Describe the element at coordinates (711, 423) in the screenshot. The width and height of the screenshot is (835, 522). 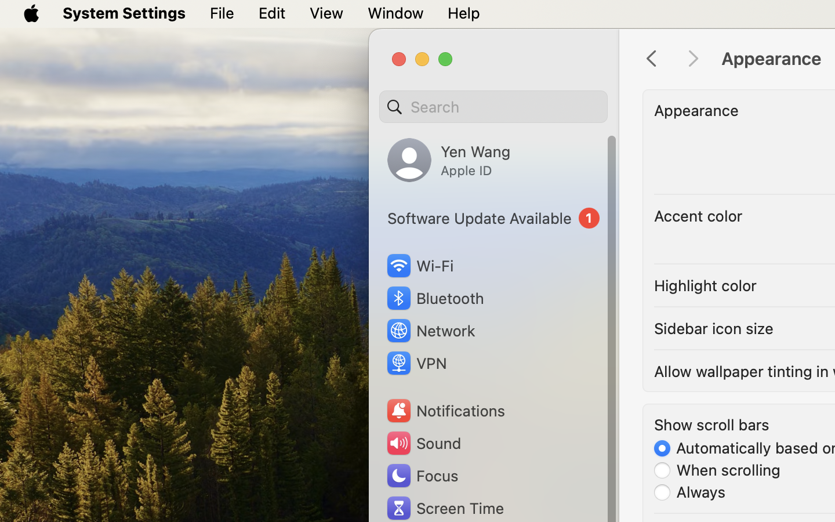
I see `'Show scroll bars'` at that location.